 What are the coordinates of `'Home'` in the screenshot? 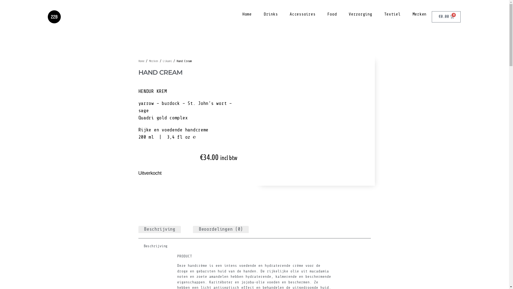 It's located at (141, 61).